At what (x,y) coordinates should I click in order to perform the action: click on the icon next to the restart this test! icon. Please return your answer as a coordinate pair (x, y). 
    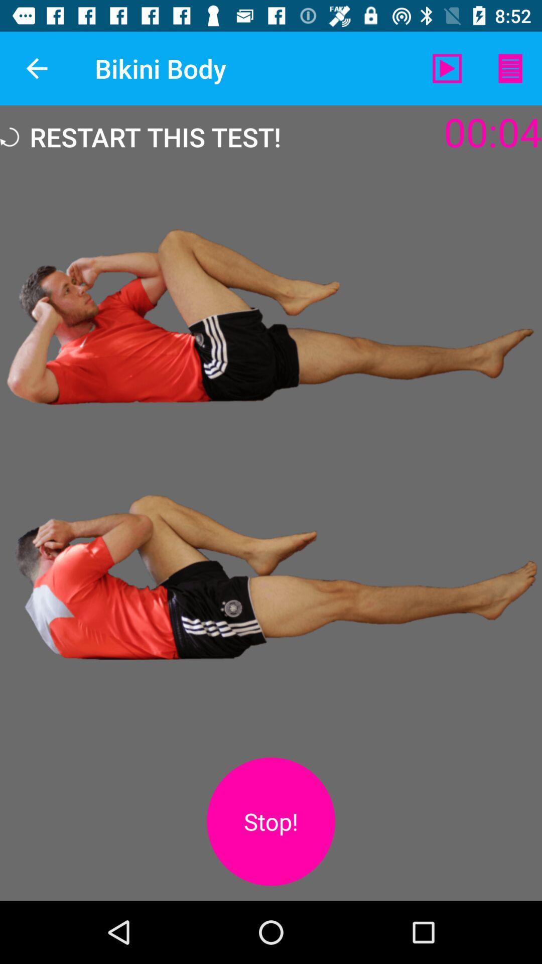
    Looking at the image, I should click on (447, 68).